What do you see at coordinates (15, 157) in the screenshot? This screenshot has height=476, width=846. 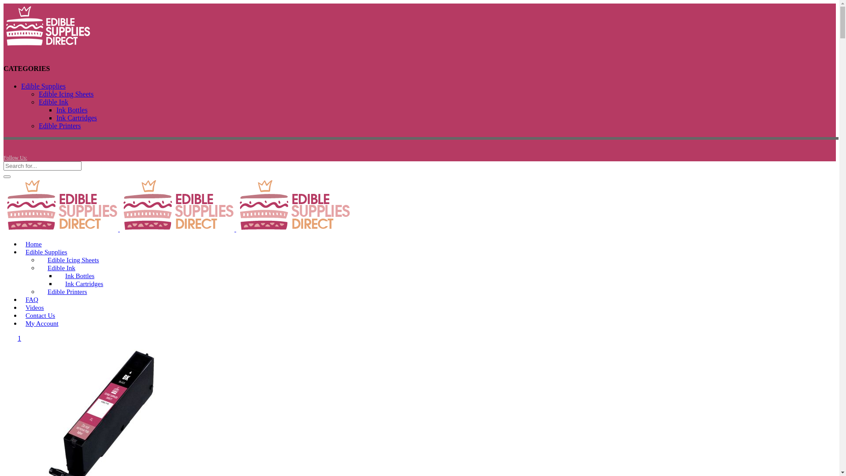 I see `'Follow Us:'` at bounding box center [15, 157].